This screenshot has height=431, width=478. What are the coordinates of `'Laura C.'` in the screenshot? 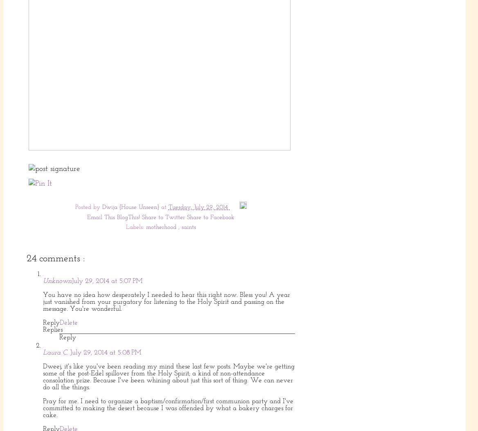 It's located at (56, 352).